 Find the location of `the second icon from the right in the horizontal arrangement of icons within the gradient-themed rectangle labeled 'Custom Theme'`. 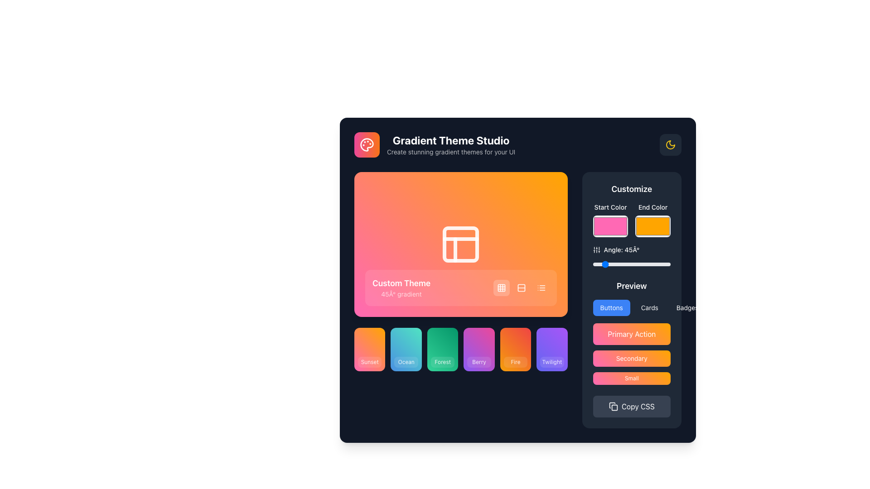

the second icon from the right in the horizontal arrangement of icons within the gradient-themed rectangle labeled 'Custom Theme' is located at coordinates (521, 288).